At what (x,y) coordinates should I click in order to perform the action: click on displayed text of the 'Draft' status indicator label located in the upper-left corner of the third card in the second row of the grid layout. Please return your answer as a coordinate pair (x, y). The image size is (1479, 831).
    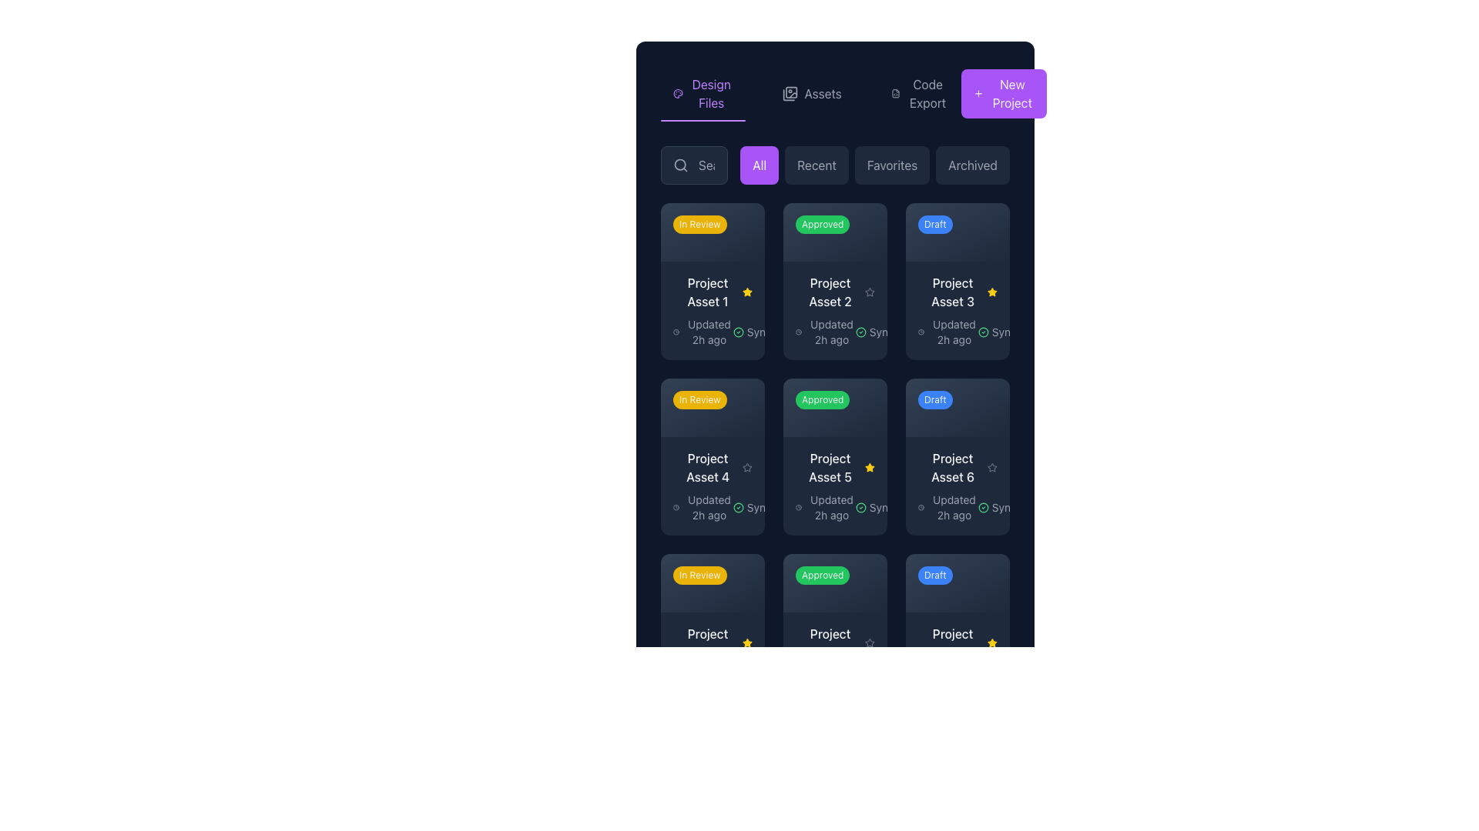
    Looking at the image, I should click on (934, 399).